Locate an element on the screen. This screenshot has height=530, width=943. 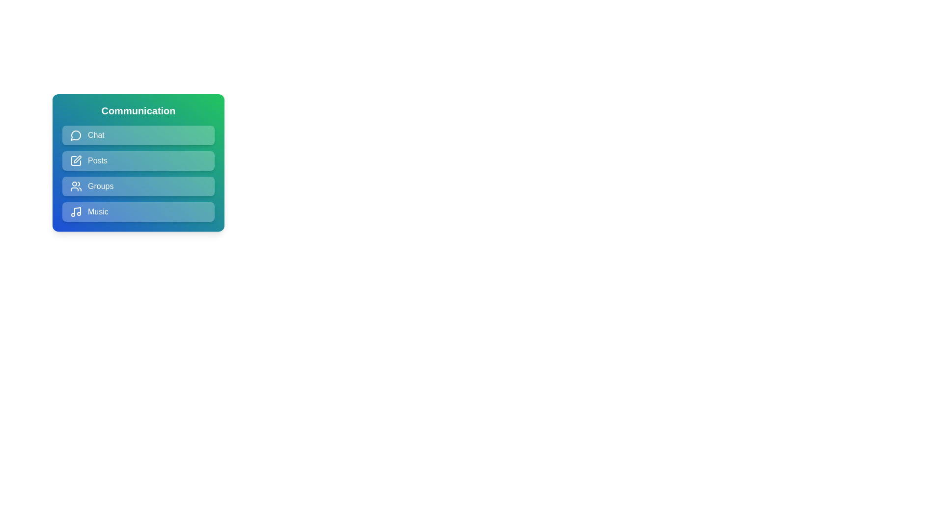
the icon associated with the Chat menu item is located at coordinates (75, 135).